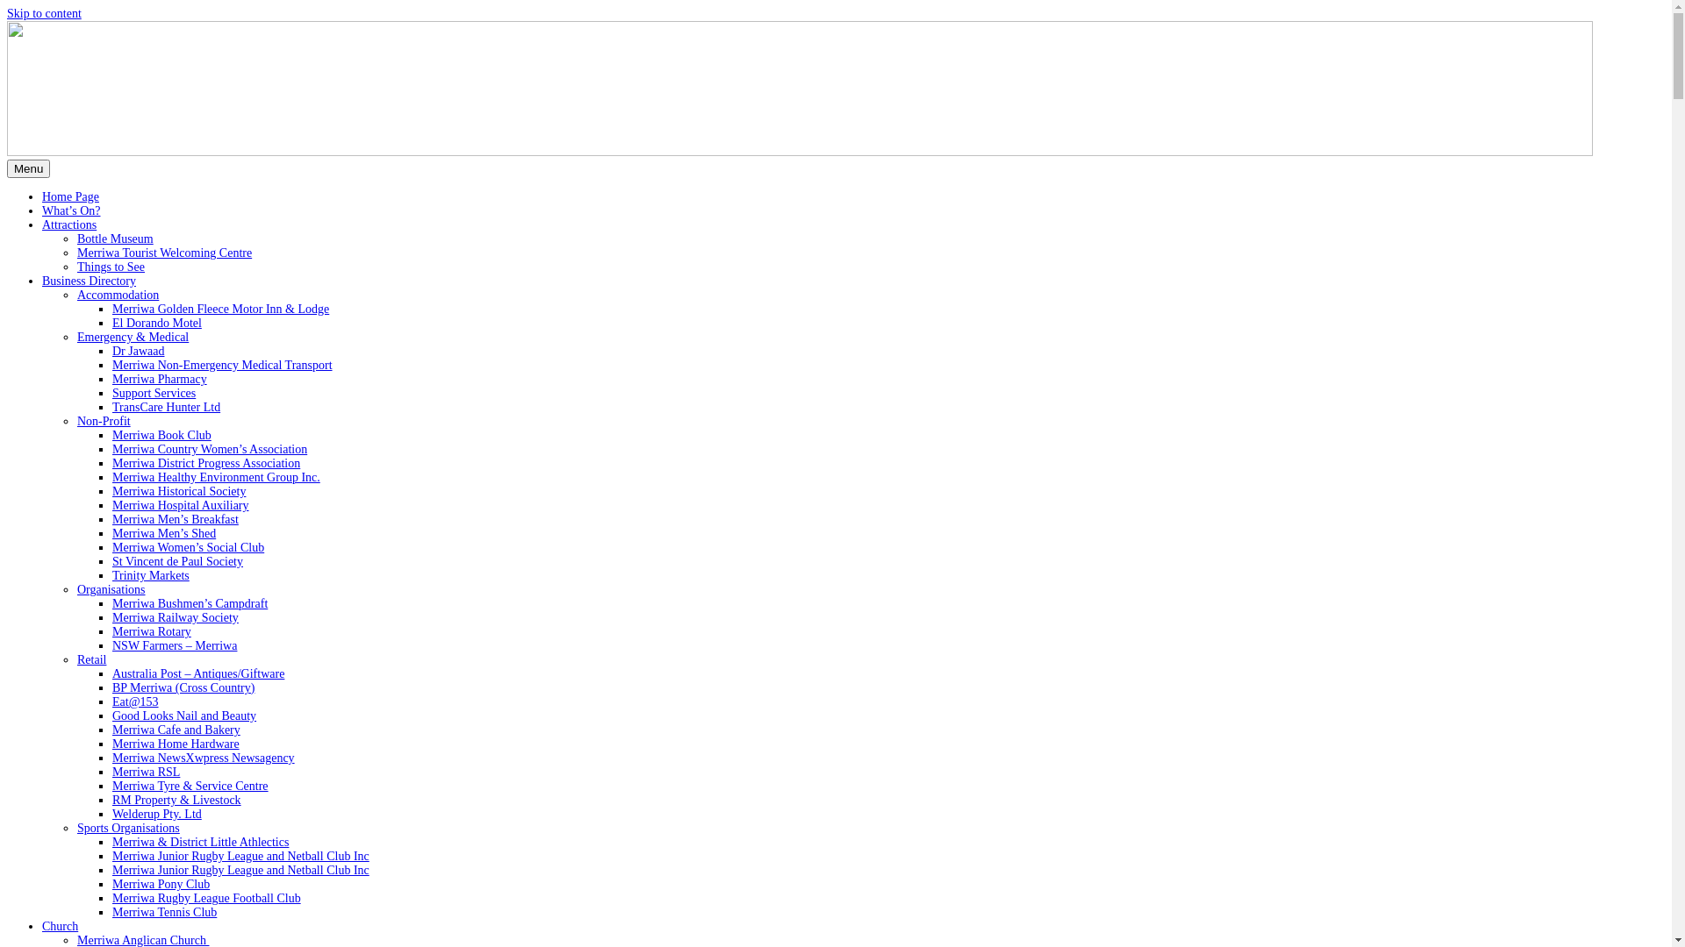 Image resolution: width=1685 pixels, height=947 pixels. What do you see at coordinates (111, 616) in the screenshot?
I see `'Merriwa Railway Society'` at bounding box center [111, 616].